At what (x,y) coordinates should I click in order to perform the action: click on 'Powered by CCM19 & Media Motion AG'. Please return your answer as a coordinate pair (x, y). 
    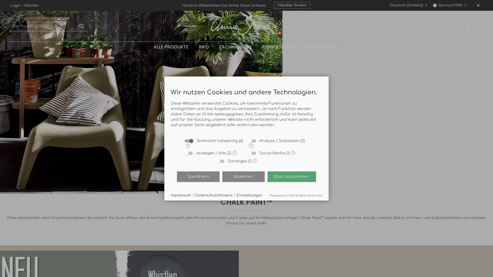
    Looking at the image, I should click on (296, 195).